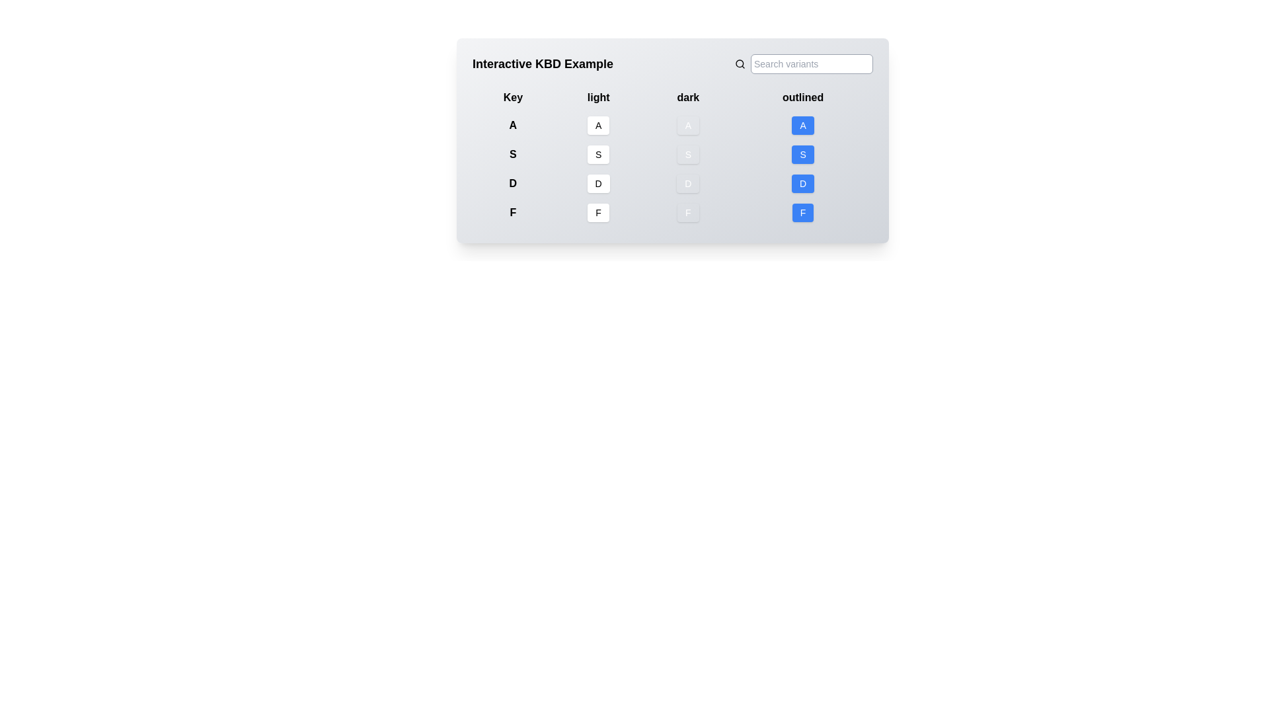 This screenshot has width=1269, height=714. I want to click on the button-like display element with a blue background and the white bold capital letter 'D', which is the third button in the outlined column of a grid, so click(802, 183).